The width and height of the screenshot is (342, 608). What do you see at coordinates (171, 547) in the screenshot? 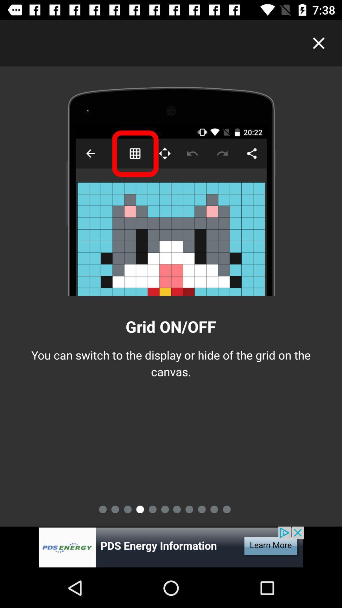
I see `advertisement space` at bounding box center [171, 547].